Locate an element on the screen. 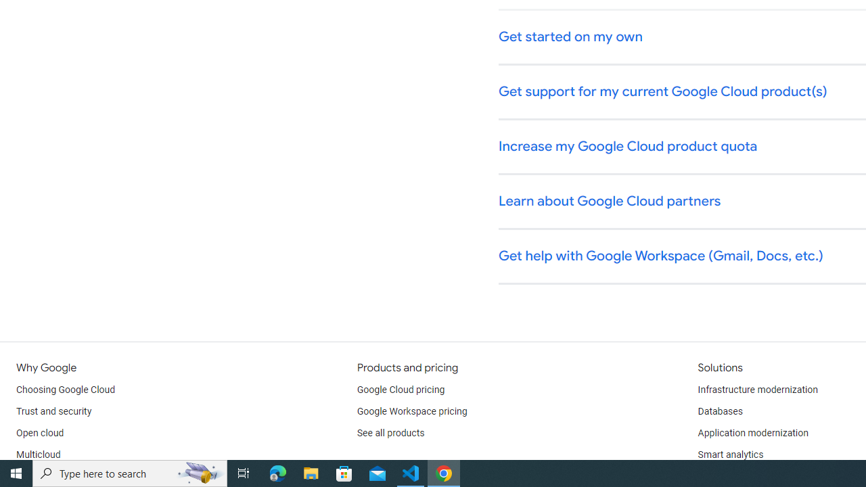 The width and height of the screenshot is (866, 487). 'Infrastructure modernization' is located at coordinates (758, 390).